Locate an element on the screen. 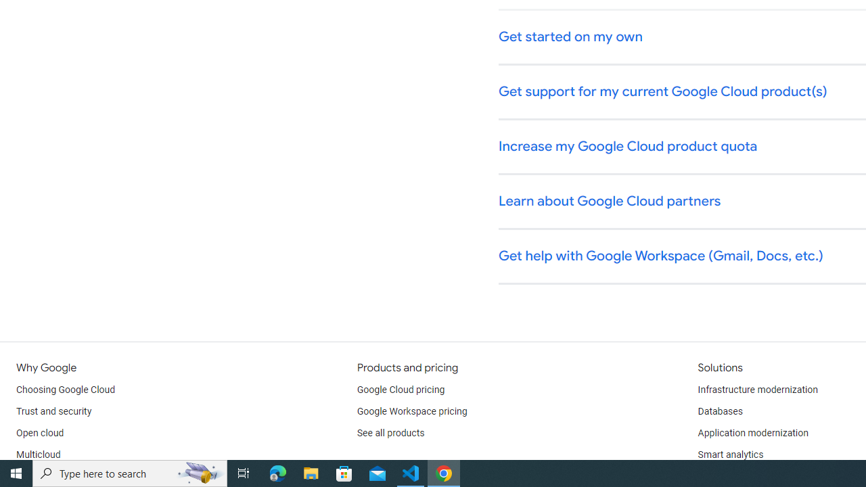 The width and height of the screenshot is (866, 487). 'Infrastructure modernization' is located at coordinates (758, 390).